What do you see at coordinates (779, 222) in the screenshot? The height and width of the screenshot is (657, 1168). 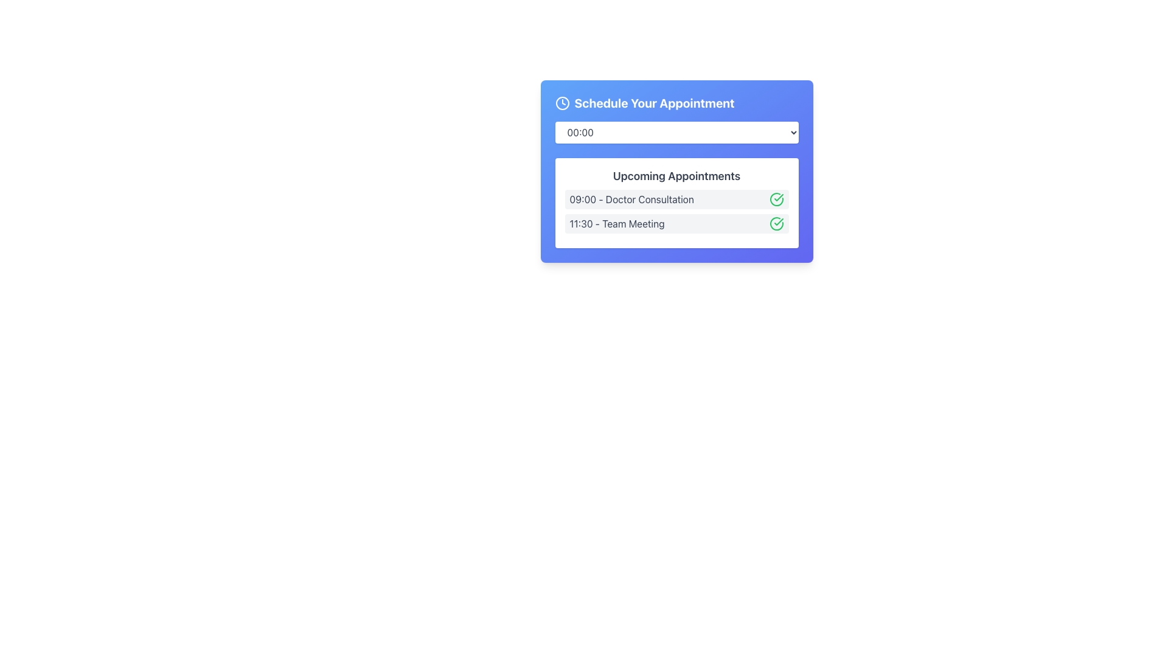 I see `the green circular checkmark icon that indicates the appointment status for '09:00 - Doctor Consultation'` at bounding box center [779, 222].